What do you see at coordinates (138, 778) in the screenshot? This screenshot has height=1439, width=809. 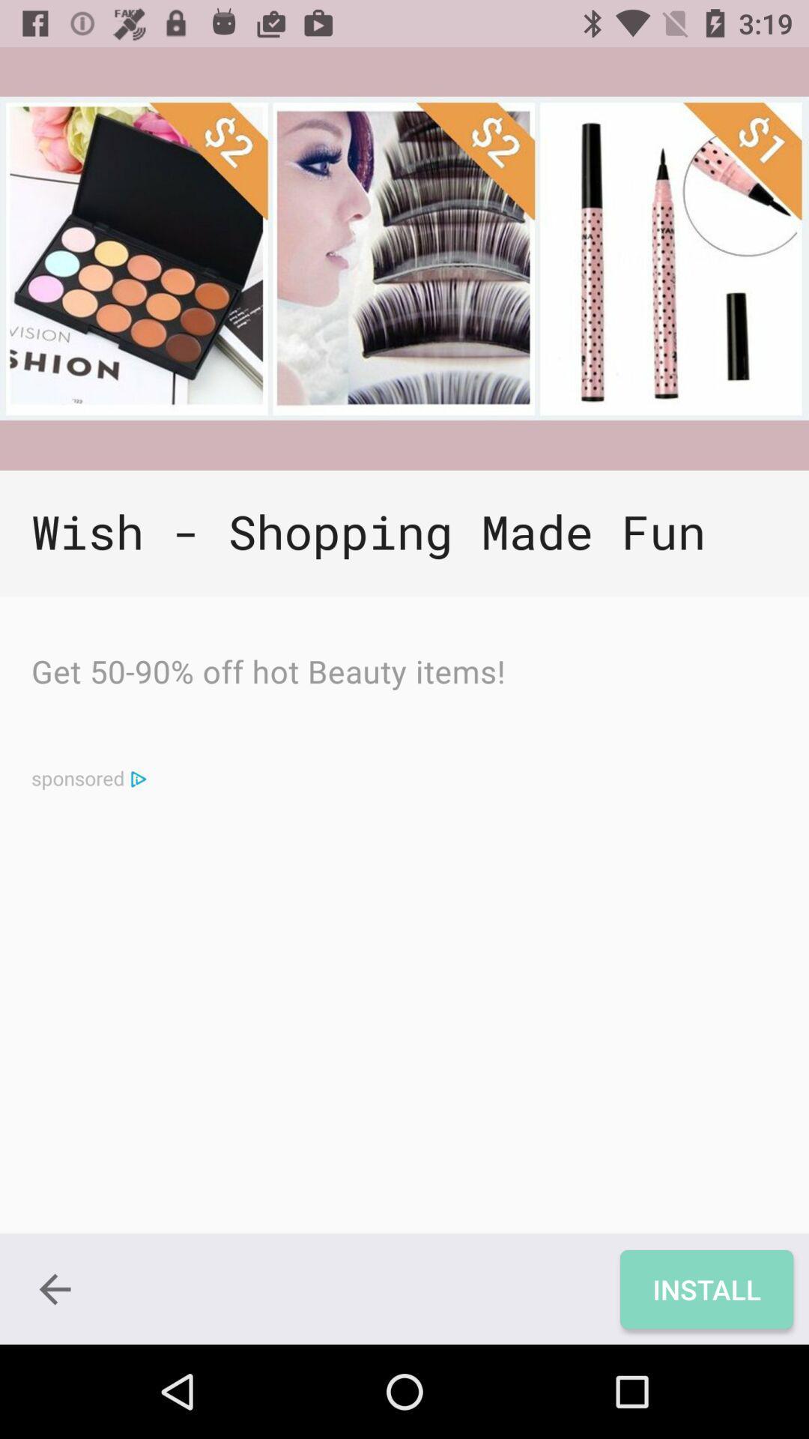 I see `item to the right of the sponsored` at bounding box center [138, 778].